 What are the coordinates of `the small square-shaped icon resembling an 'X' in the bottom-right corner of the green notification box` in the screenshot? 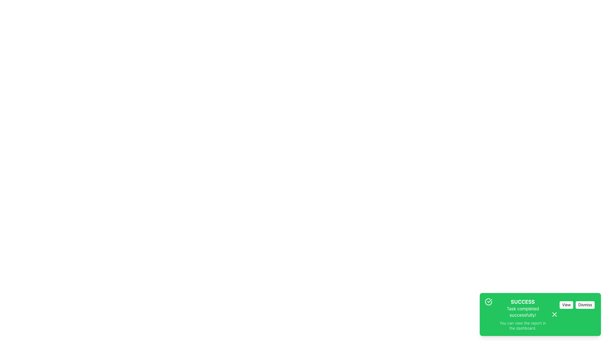 It's located at (554, 314).